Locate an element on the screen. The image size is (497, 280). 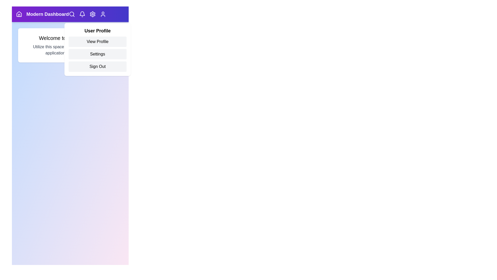
the 'Settings' option in the user profile menu is located at coordinates (98, 54).